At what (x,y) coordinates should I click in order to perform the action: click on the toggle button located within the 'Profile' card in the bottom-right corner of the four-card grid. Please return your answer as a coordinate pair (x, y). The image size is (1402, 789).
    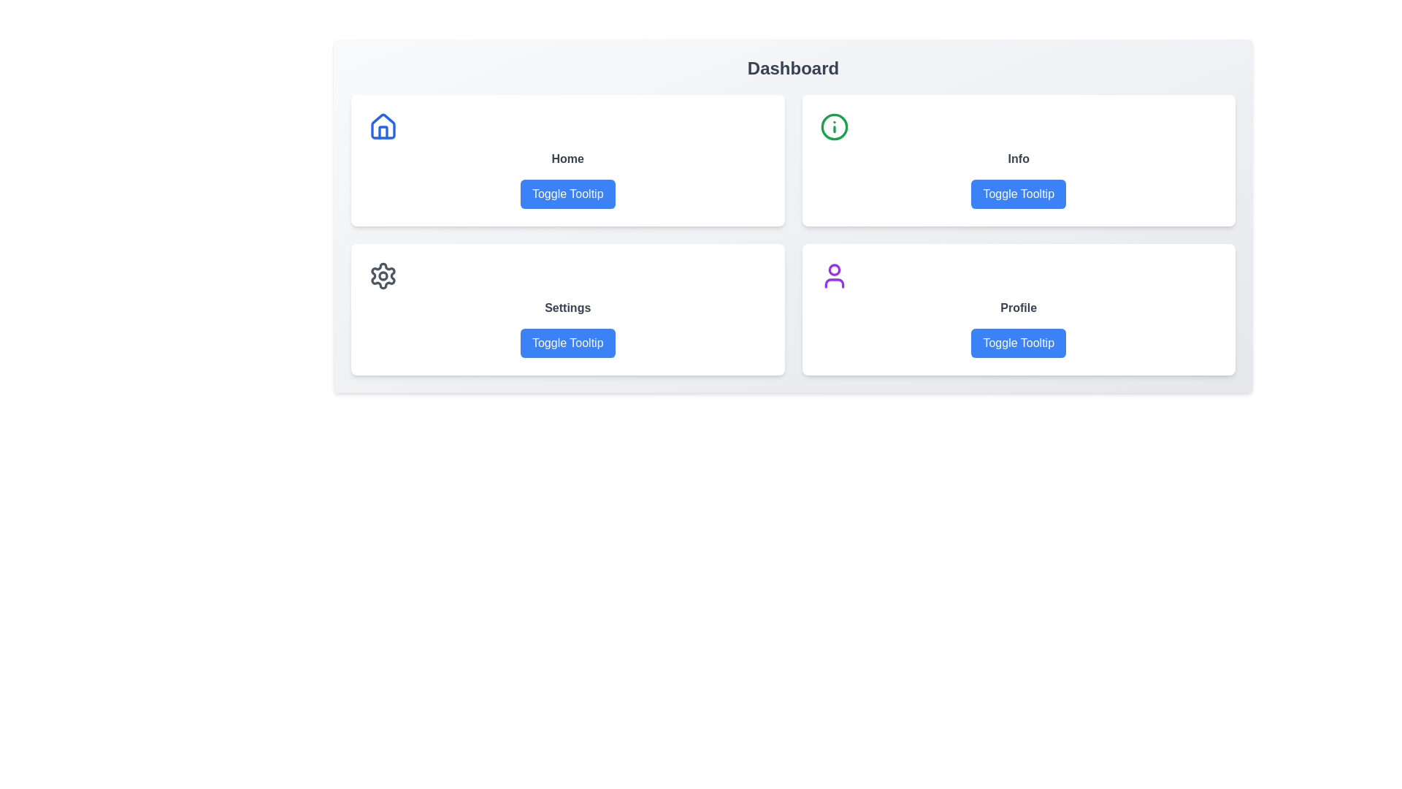
    Looking at the image, I should click on (1018, 343).